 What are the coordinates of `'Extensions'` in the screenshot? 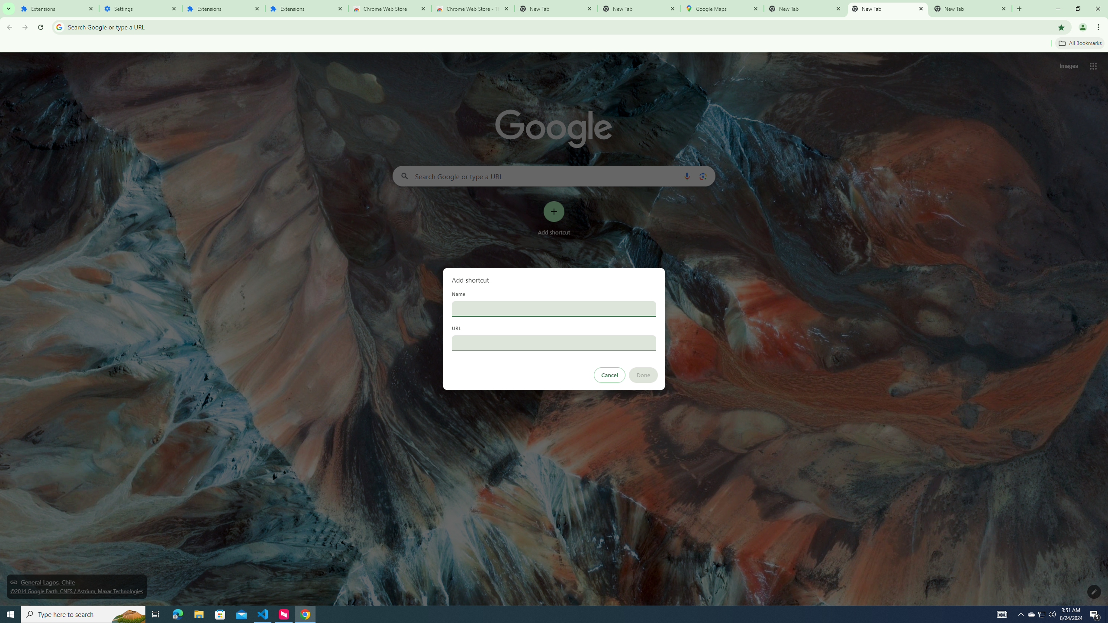 It's located at (58, 8).